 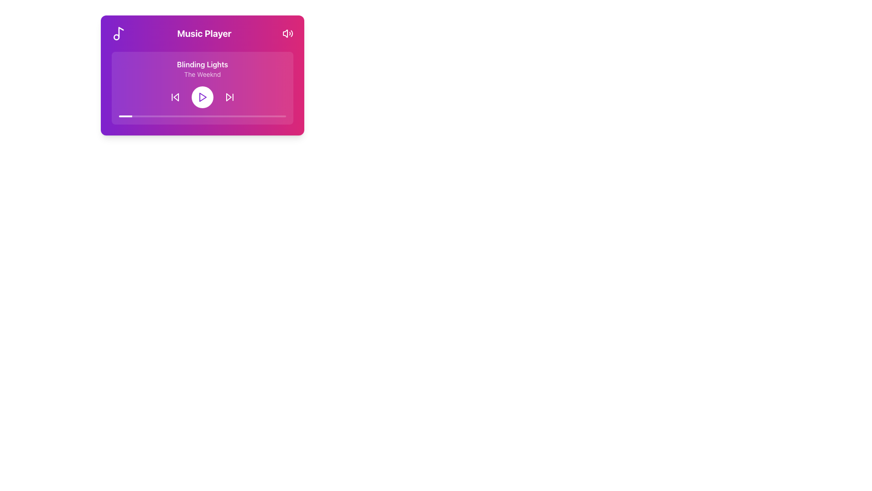 What do you see at coordinates (229, 97) in the screenshot?
I see `the forward arrow button with a white outline and purple background, located at the lower center area of the music player interface, to skip forward` at bounding box center [229, 97].